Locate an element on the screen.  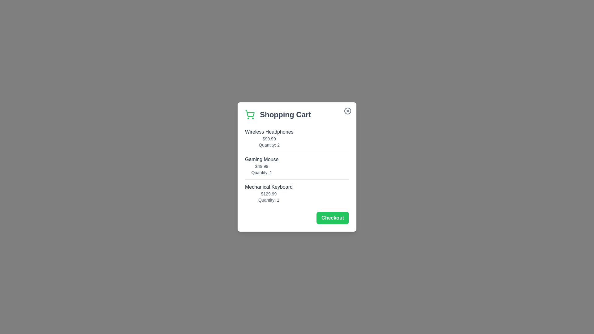
the Shopping Cart title and icon area by clicking near the title text and icon is located at coordinates (297, 114).